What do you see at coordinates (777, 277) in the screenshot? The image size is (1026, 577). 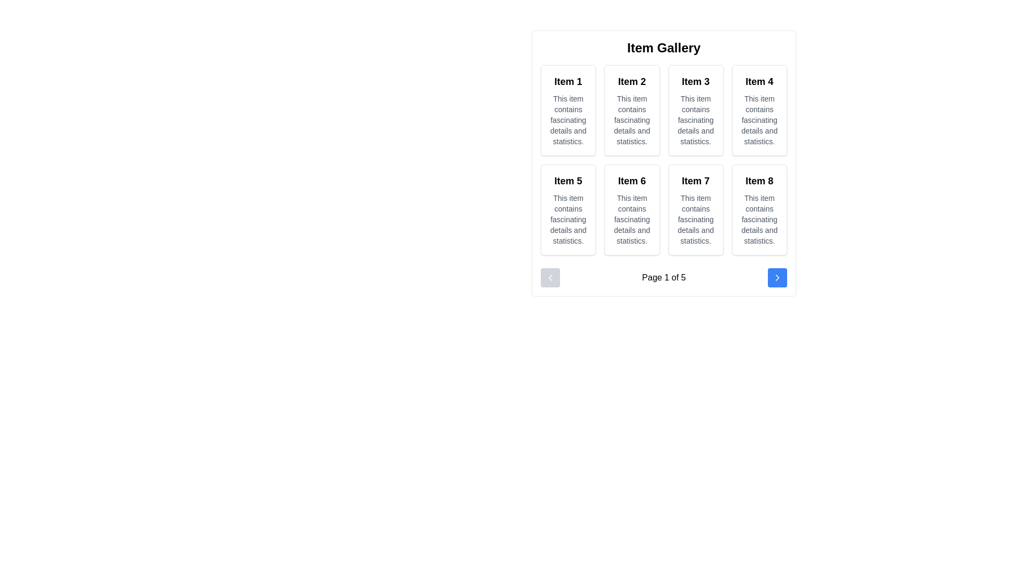 I see `the blue circular button at the bottom-right corner of the pagination section` at bounding box center [777, 277].